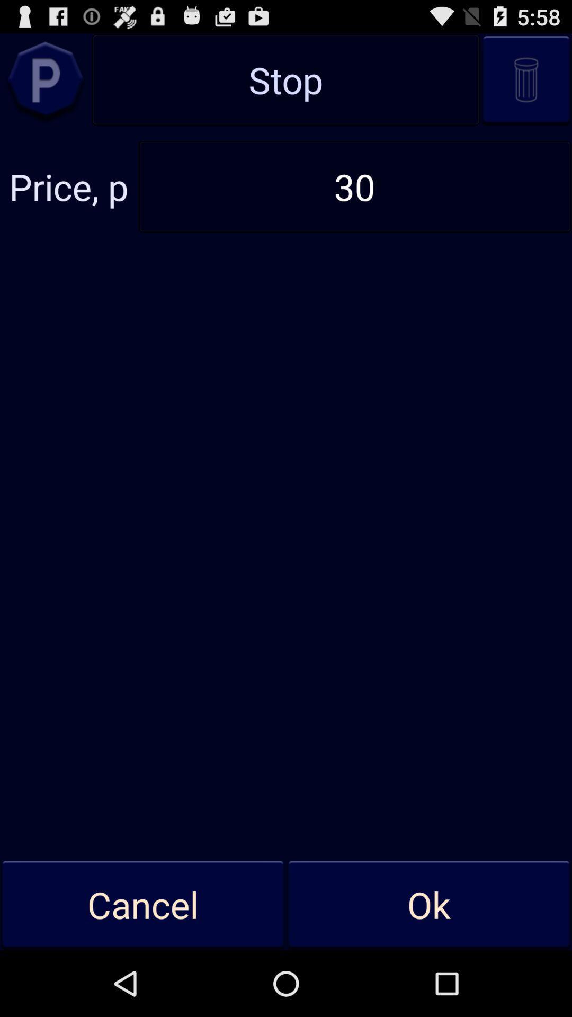 This screenshot has height=1017, width=572. What do you see at coordinates (526, 79) in the screenshot?
I see `delete entry` at bounding box center [526, 79].